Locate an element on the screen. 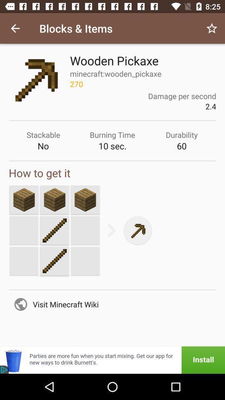  select box is located at coordinates (85, 200).